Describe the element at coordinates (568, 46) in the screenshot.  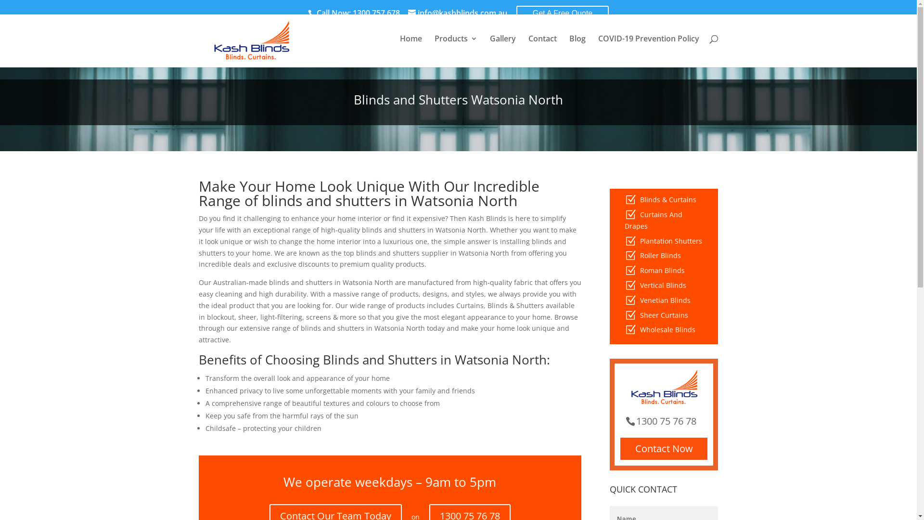
I see `'Blog'` at that location.